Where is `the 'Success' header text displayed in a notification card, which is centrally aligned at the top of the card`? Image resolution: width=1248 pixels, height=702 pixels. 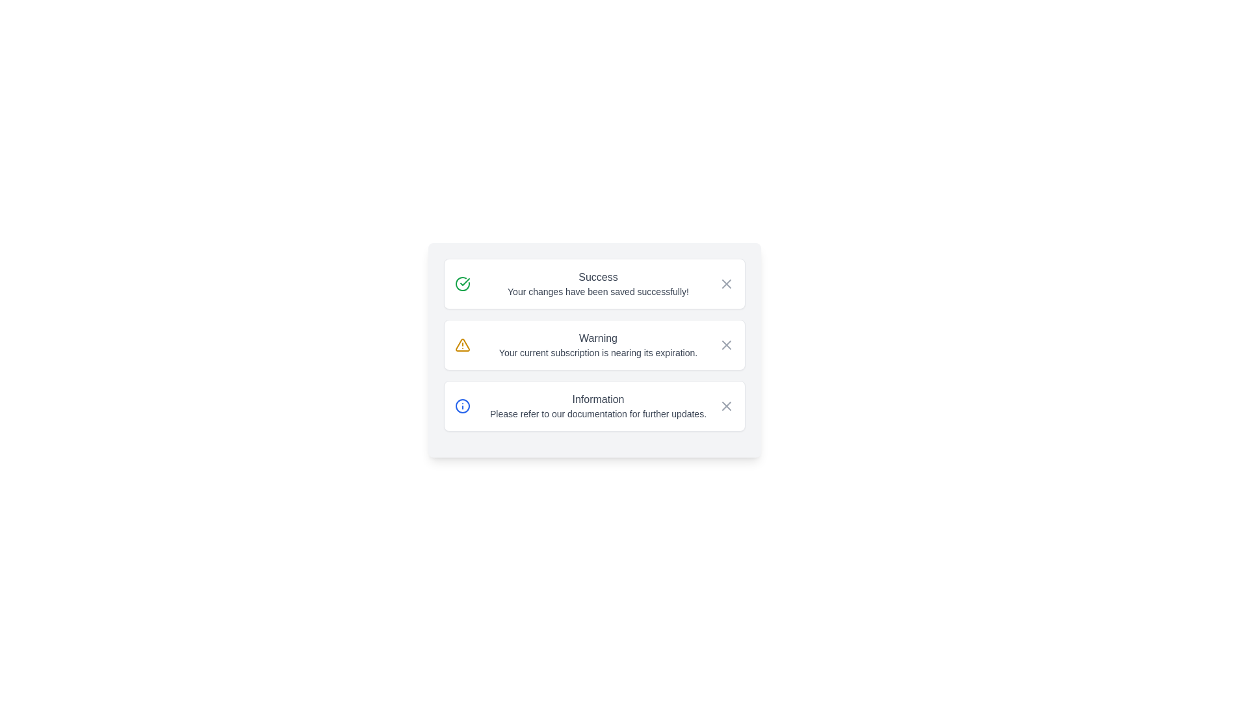 the 'Success' header text displayed in a notification card, which is centrally aligned at the top of the card is located at coordinates (597, 277).